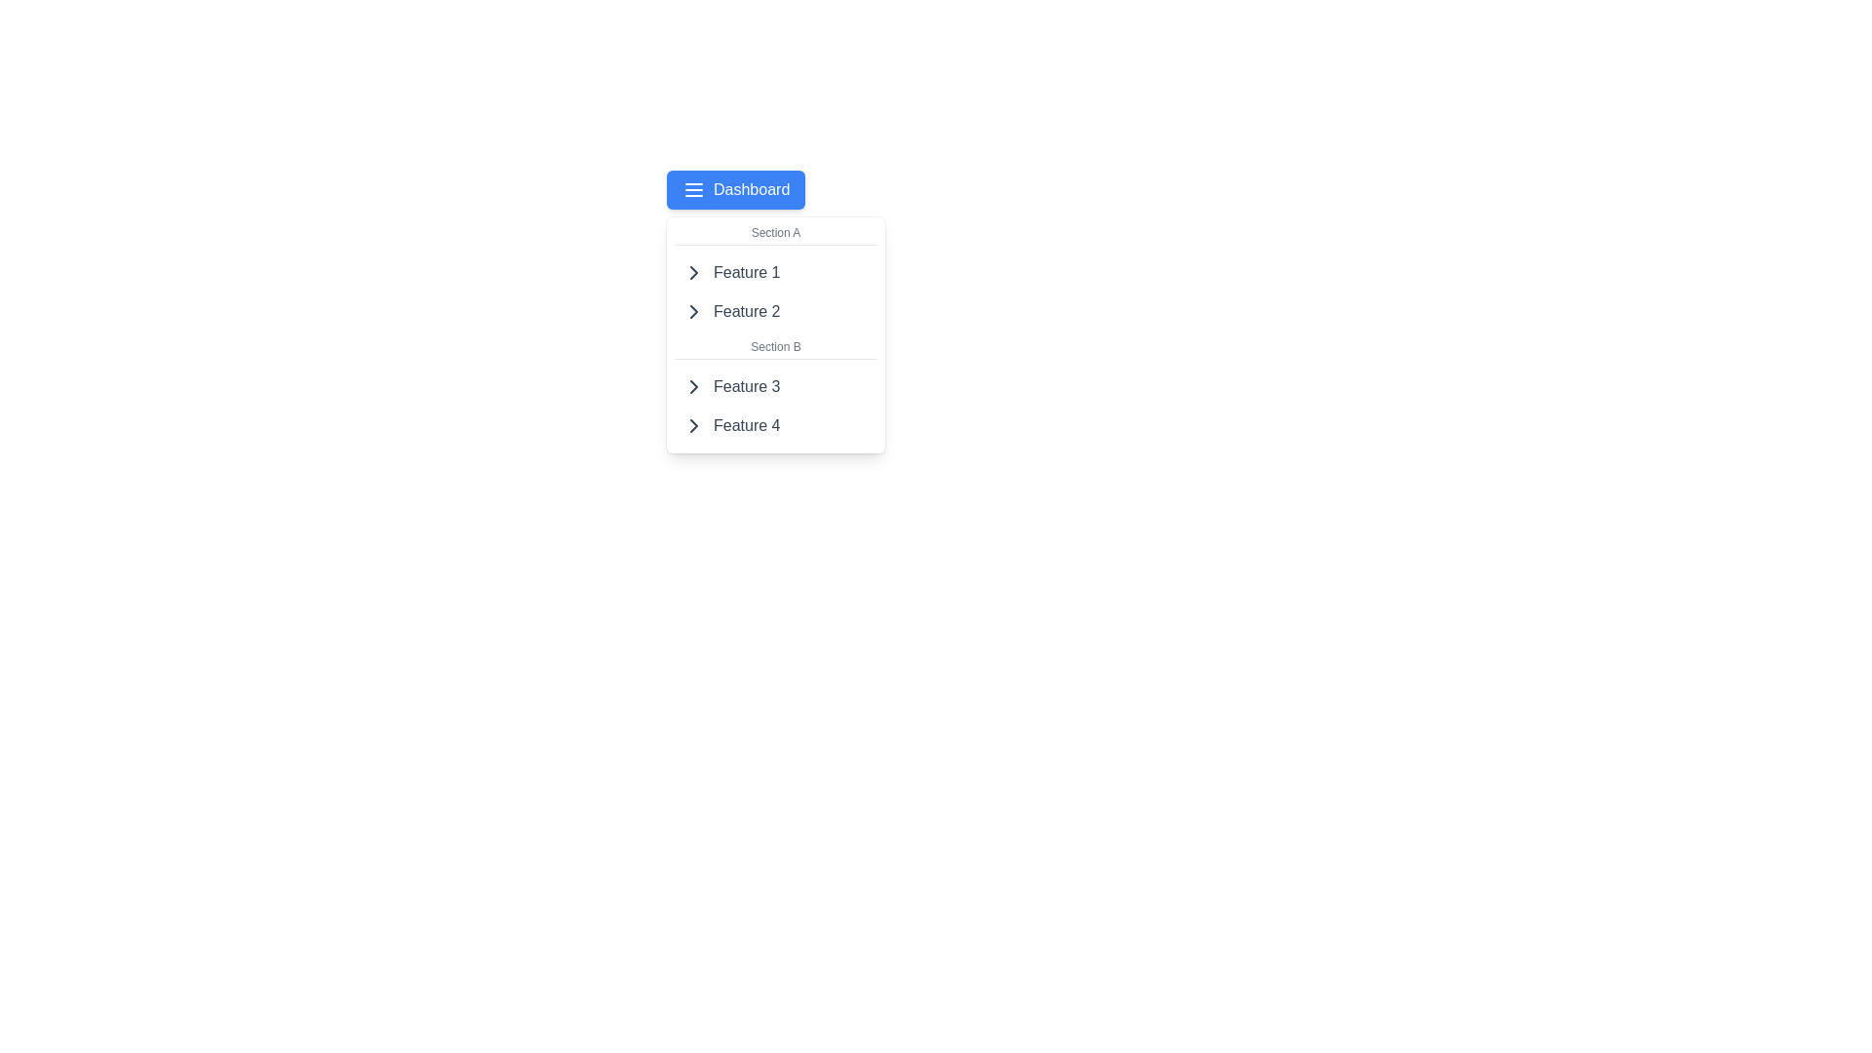 This screenshot has height=1053, width=1872. What do you see at coordinates (693, 387) in the screenshot?
I see `the Chevron-Right icon located to the immediate left of the 'Feature 3' text in the second section under the 'Section B' heading` at bounding box center [693, 387].